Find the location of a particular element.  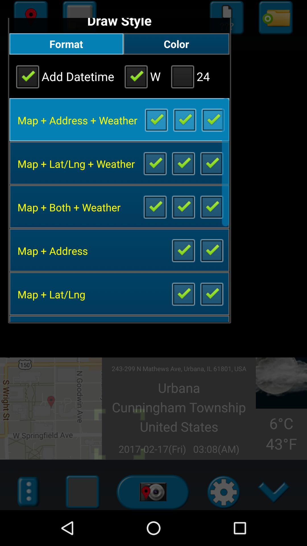

map+lat/lan+weather is located at coordinates (183, 163).